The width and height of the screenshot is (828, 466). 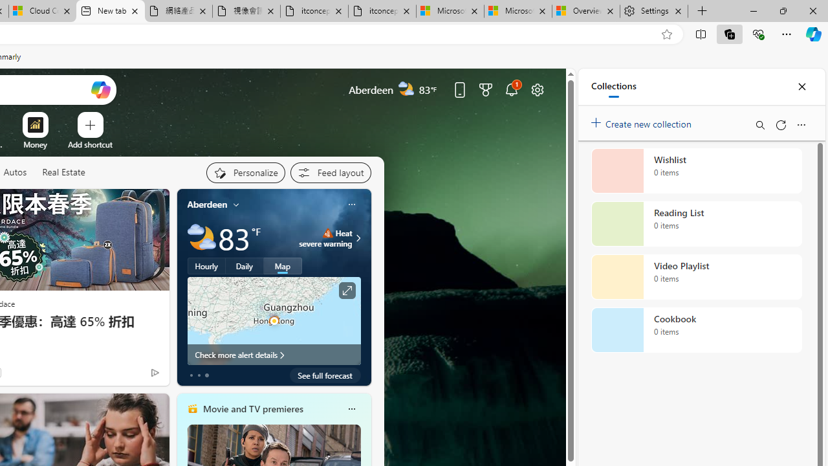 I want to click on 'Heat - Severe', so click(x=327, y=233).